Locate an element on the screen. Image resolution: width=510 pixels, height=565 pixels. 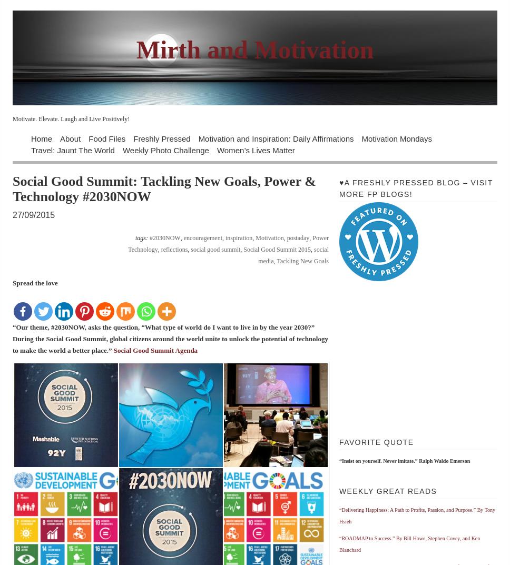
'Favorite Quote' is located at coordinates (376, 442).